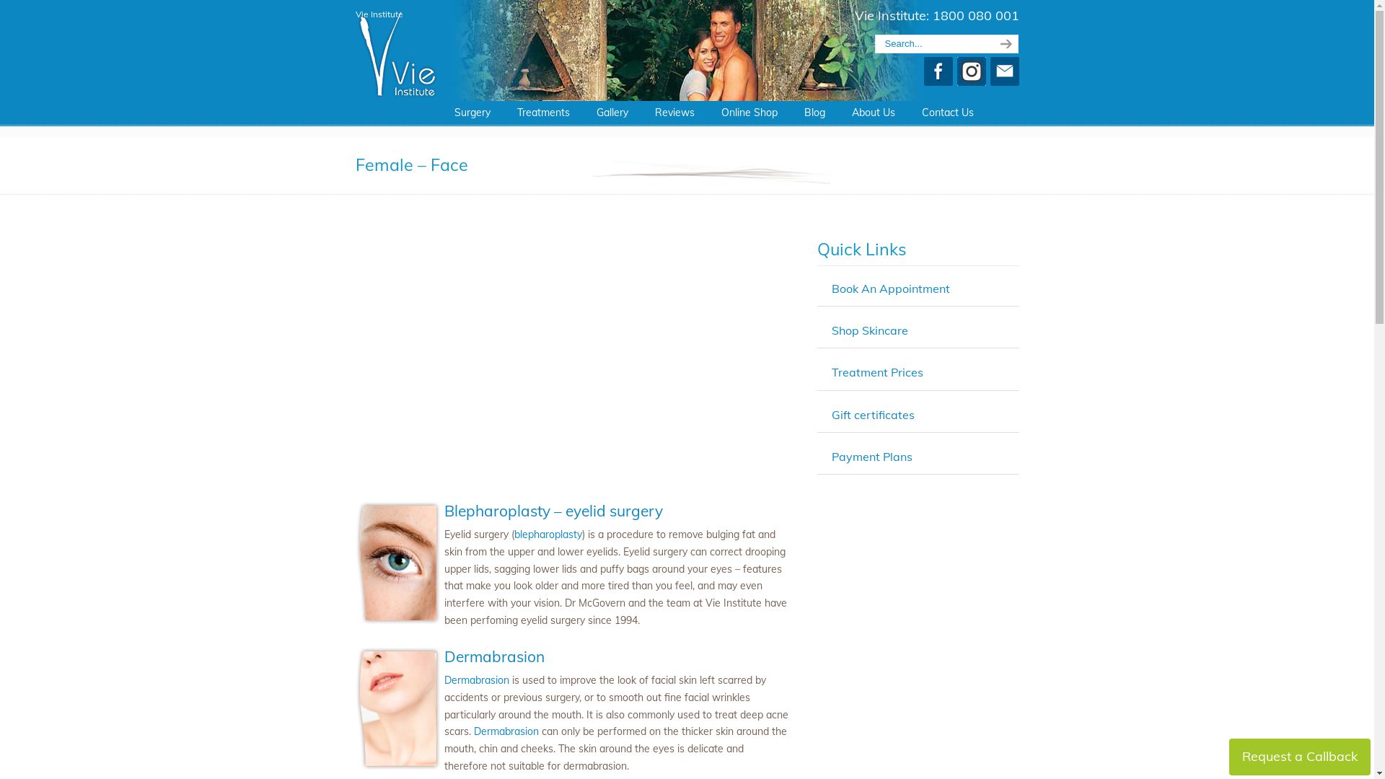  I want to click on 'Instagram', so click(970, 82).